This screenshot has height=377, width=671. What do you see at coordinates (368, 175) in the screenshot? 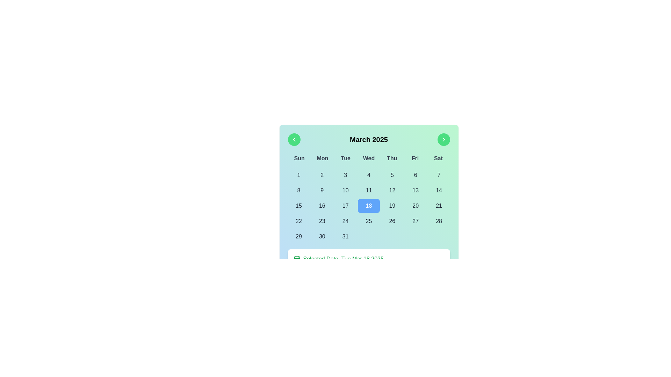
I see `the rounded rectangular button labeled '4' in the calendar grid under 'March 2025'` at bounding box center [368, 175].